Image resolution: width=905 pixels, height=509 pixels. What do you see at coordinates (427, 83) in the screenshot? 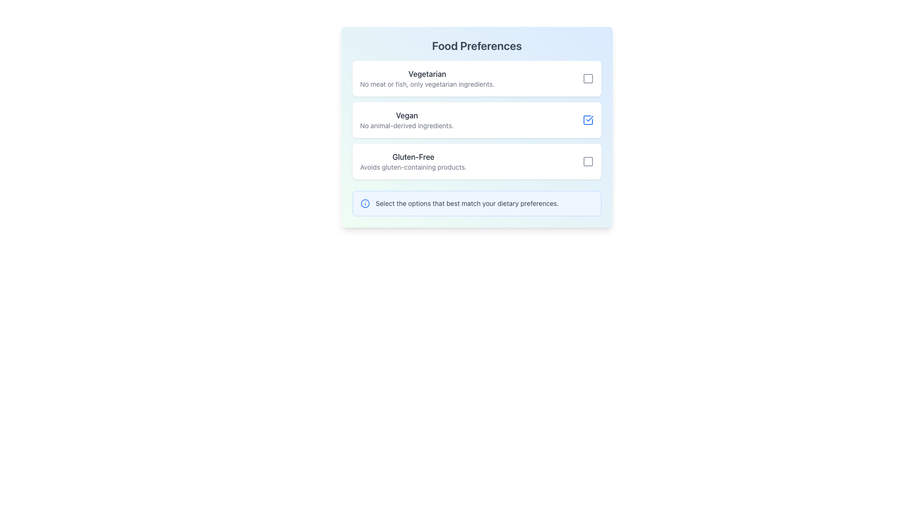
I see `descriptive text label located directly below the 'Vegetarian' label within the card layout at the top of the 'Food Preferences' list` at bounding box center [427, 83].